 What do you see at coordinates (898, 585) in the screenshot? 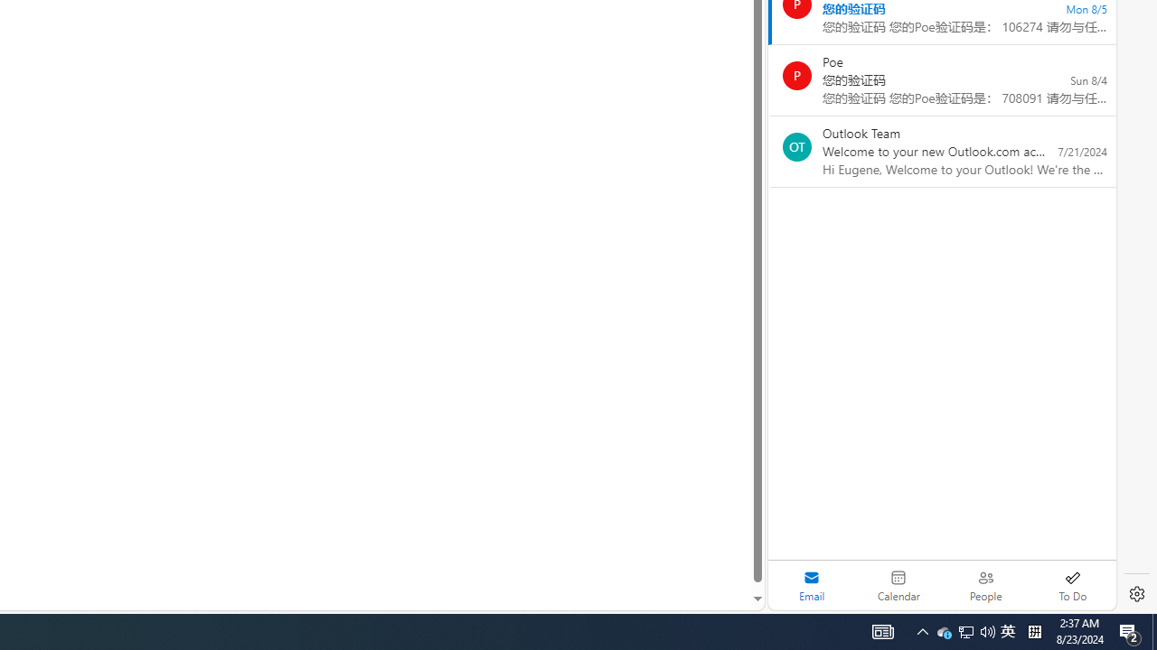
I see `'Calendar. Date today is 22'` at bounding box center [898, 585].